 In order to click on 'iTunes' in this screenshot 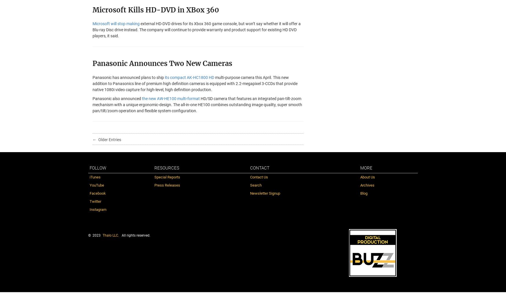, I will do `click(95, 176)`.